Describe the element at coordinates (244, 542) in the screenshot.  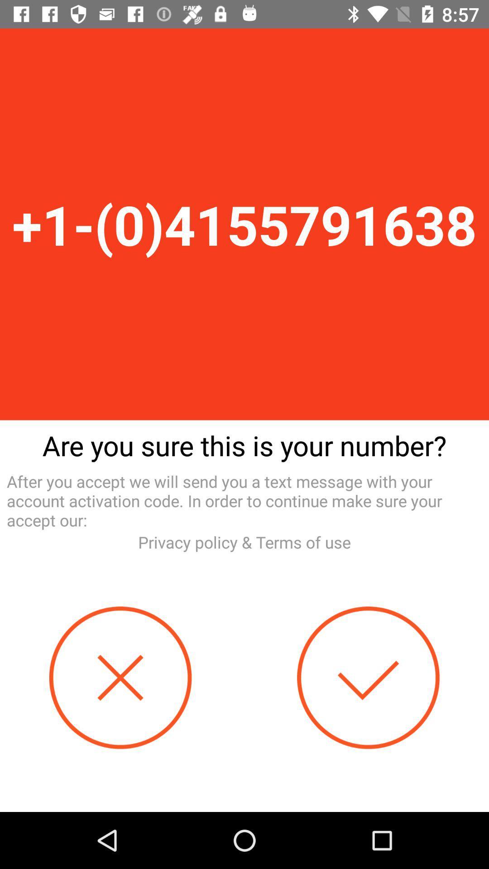
I see `privacy policy terms` at that location.